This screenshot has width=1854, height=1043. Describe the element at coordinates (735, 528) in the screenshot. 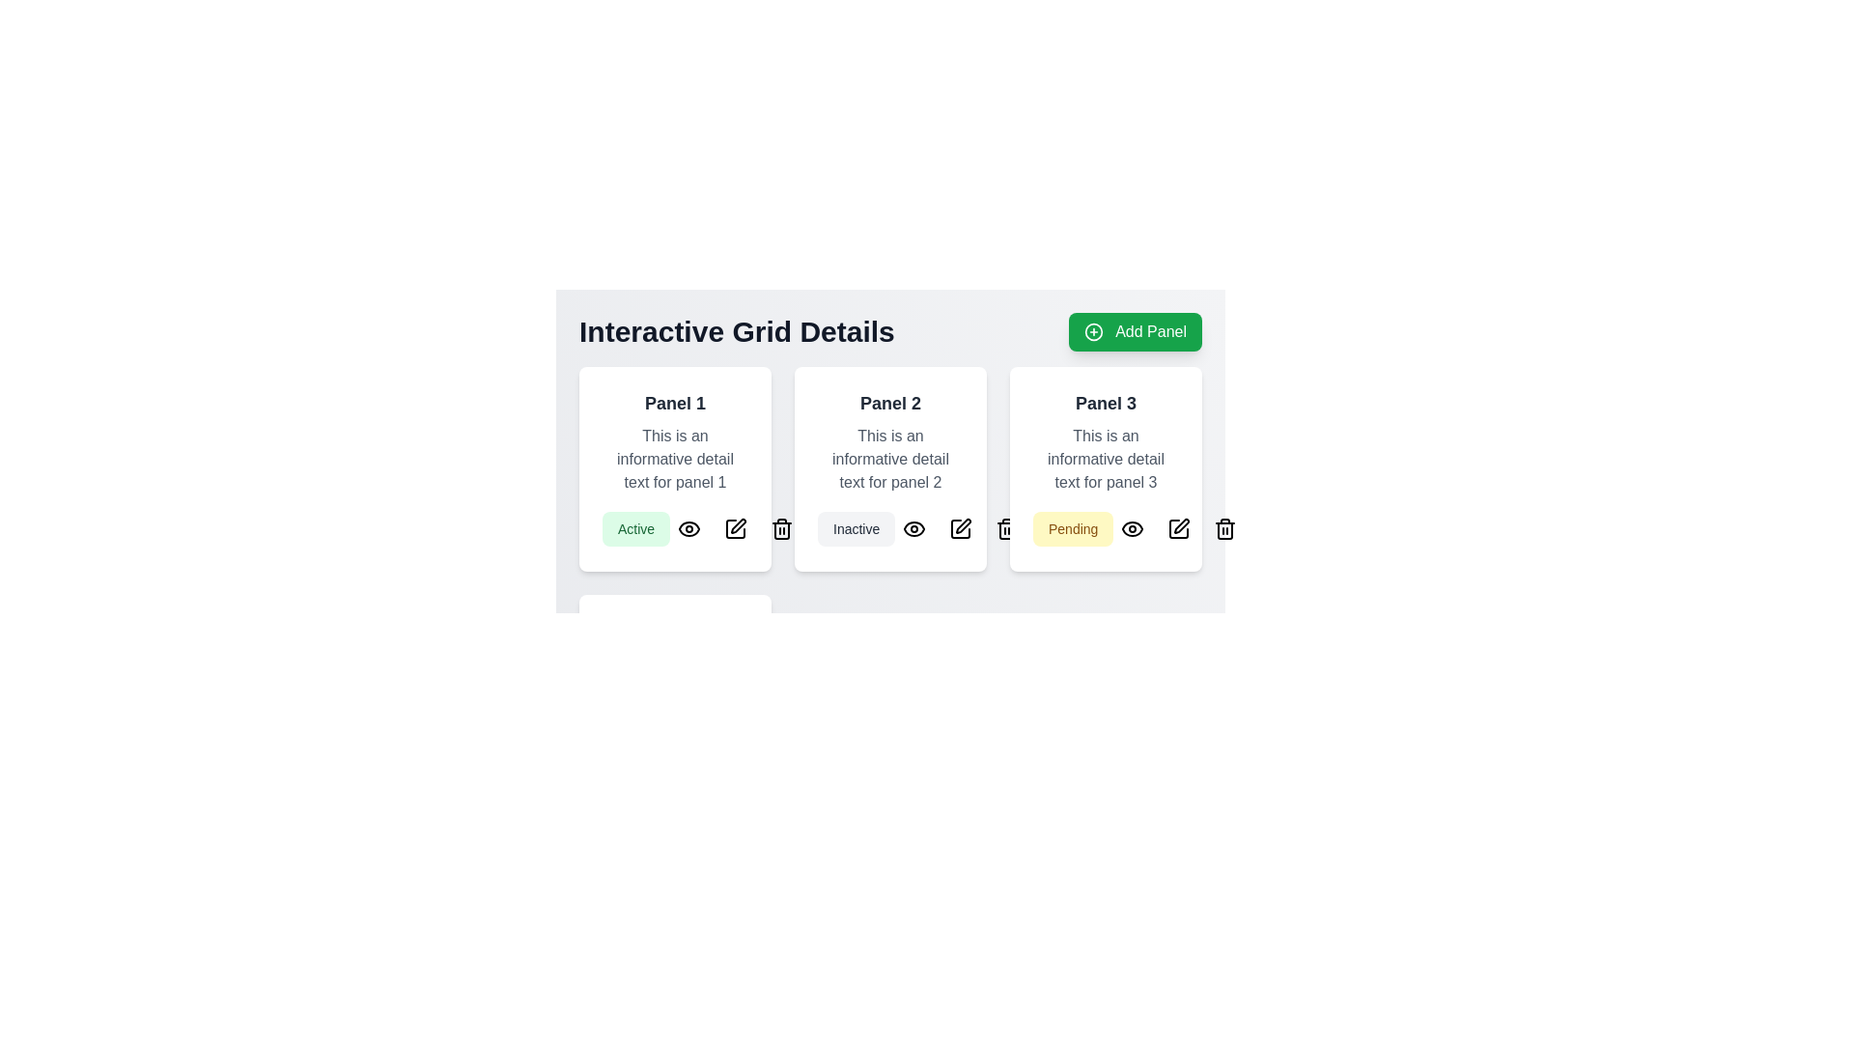

I see `the edit button icon, which is the second icon from the left in the group of three below the 'Active' label in 'Panel 1'` at that location.